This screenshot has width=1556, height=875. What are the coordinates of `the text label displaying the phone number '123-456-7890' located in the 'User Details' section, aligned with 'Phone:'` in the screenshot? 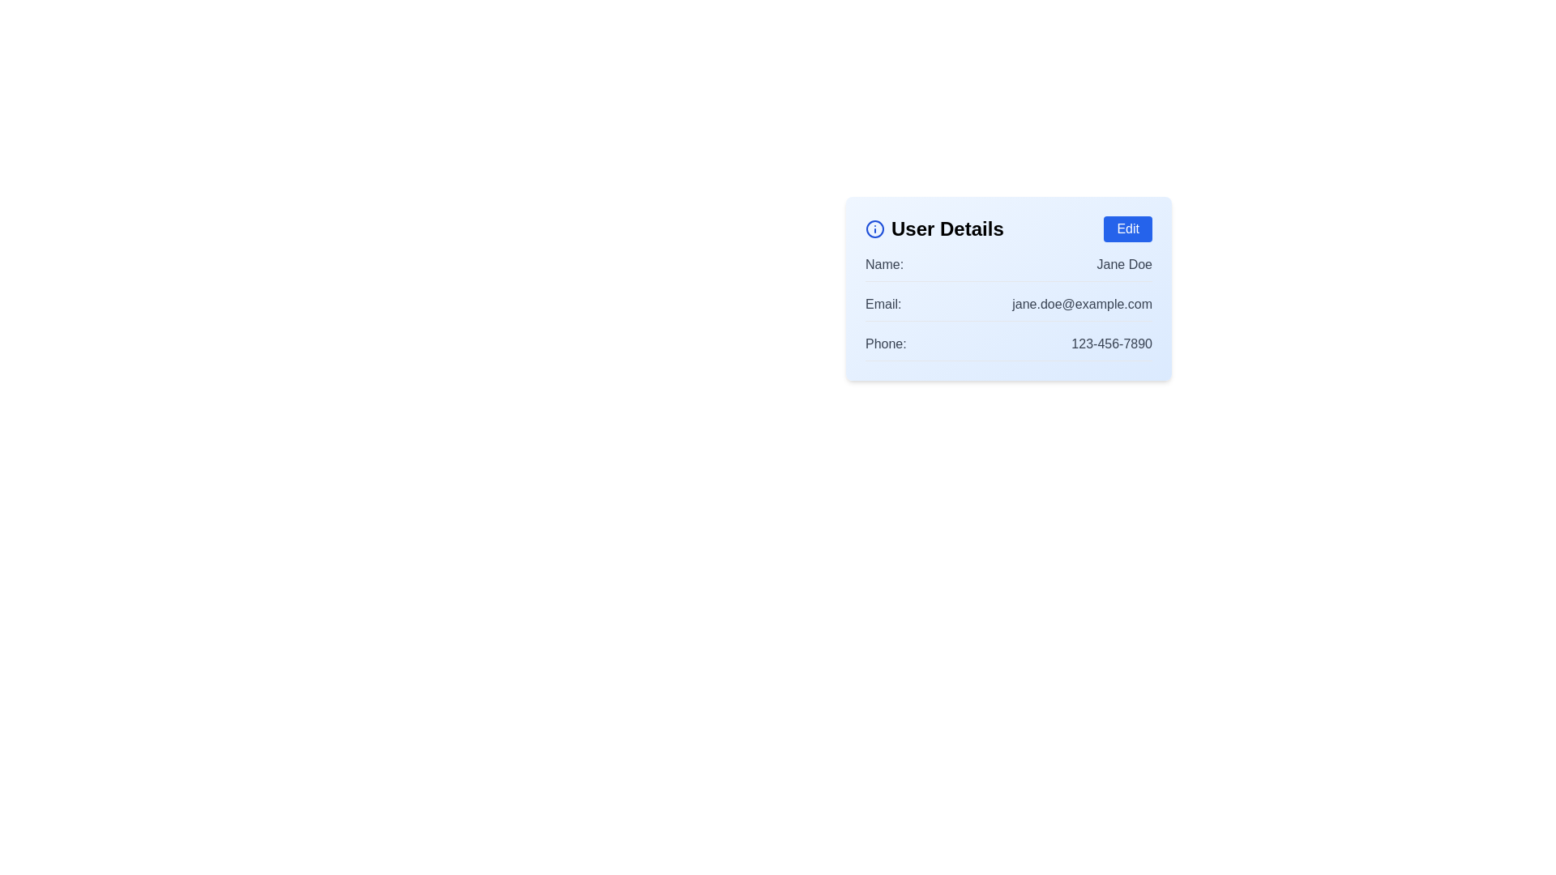 It's located at (1111, 343).